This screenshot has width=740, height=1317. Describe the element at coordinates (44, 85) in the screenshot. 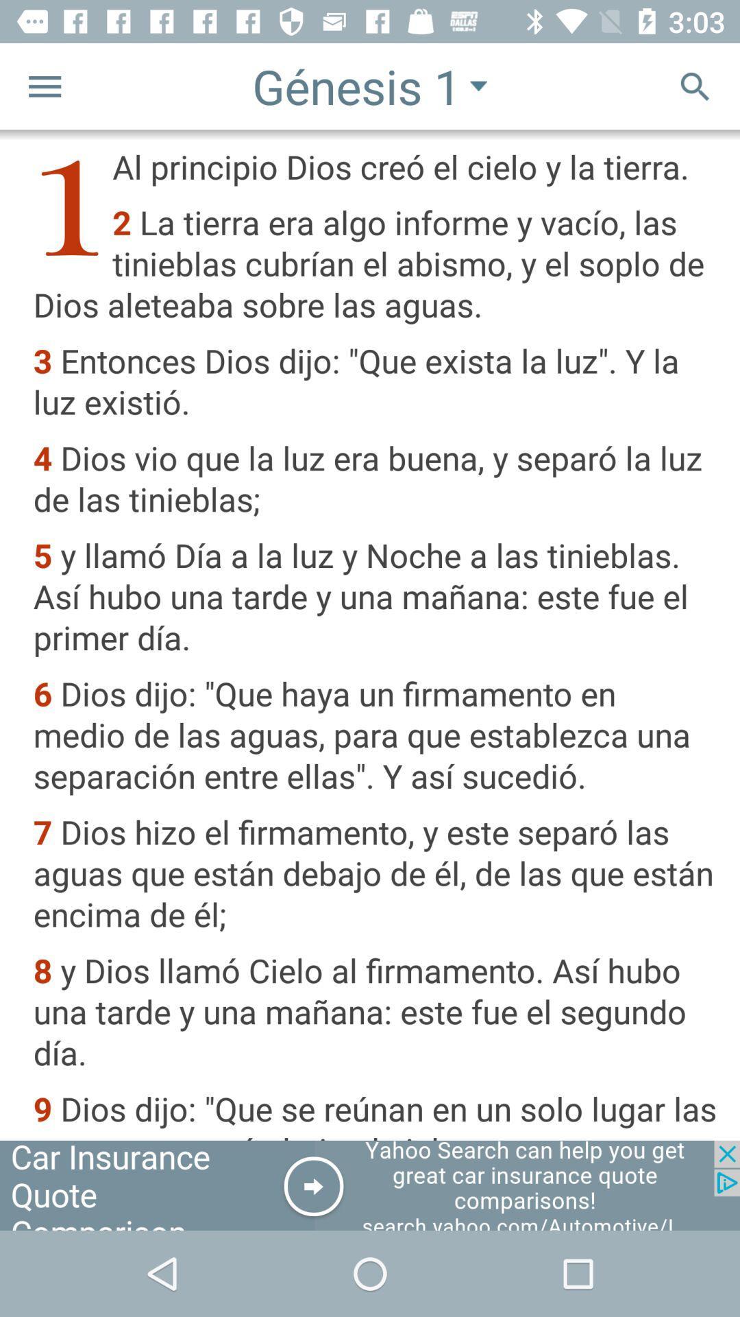

I see `the menu icon` at that location.